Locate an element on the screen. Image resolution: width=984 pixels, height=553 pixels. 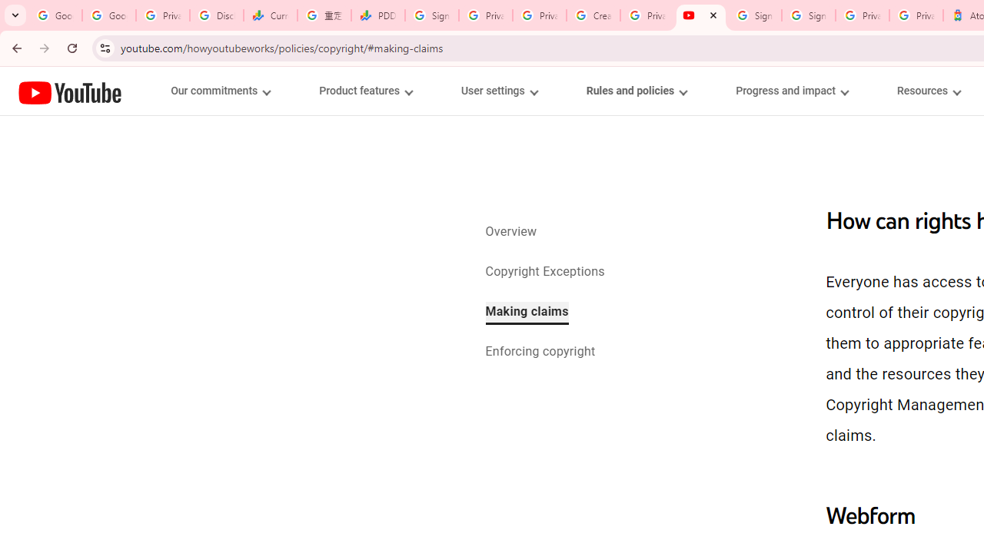
'Product features menupopup' is located at coordinates (364, 91).